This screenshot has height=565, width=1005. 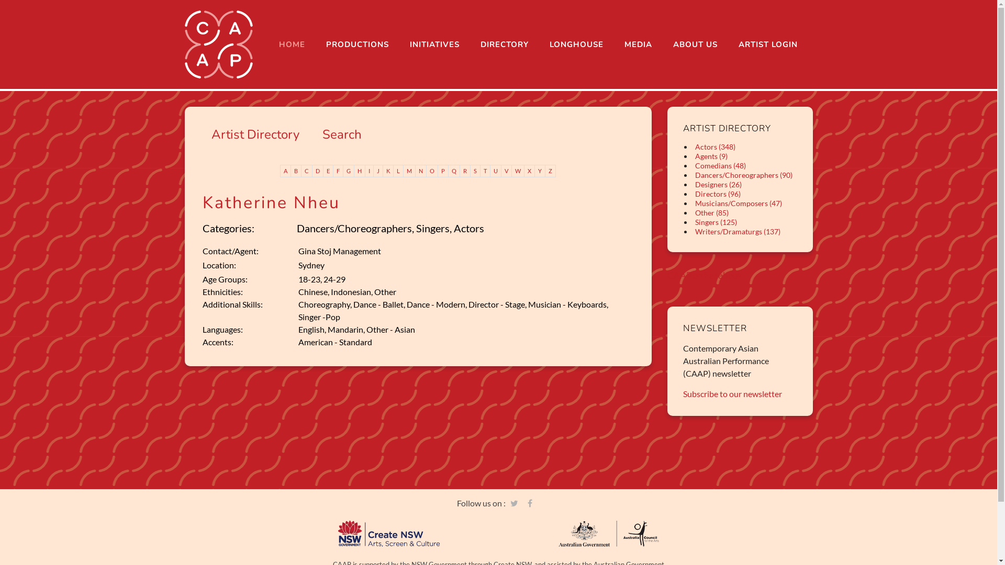 I want to click on 'MEDIA', so click(x=637, y=43).